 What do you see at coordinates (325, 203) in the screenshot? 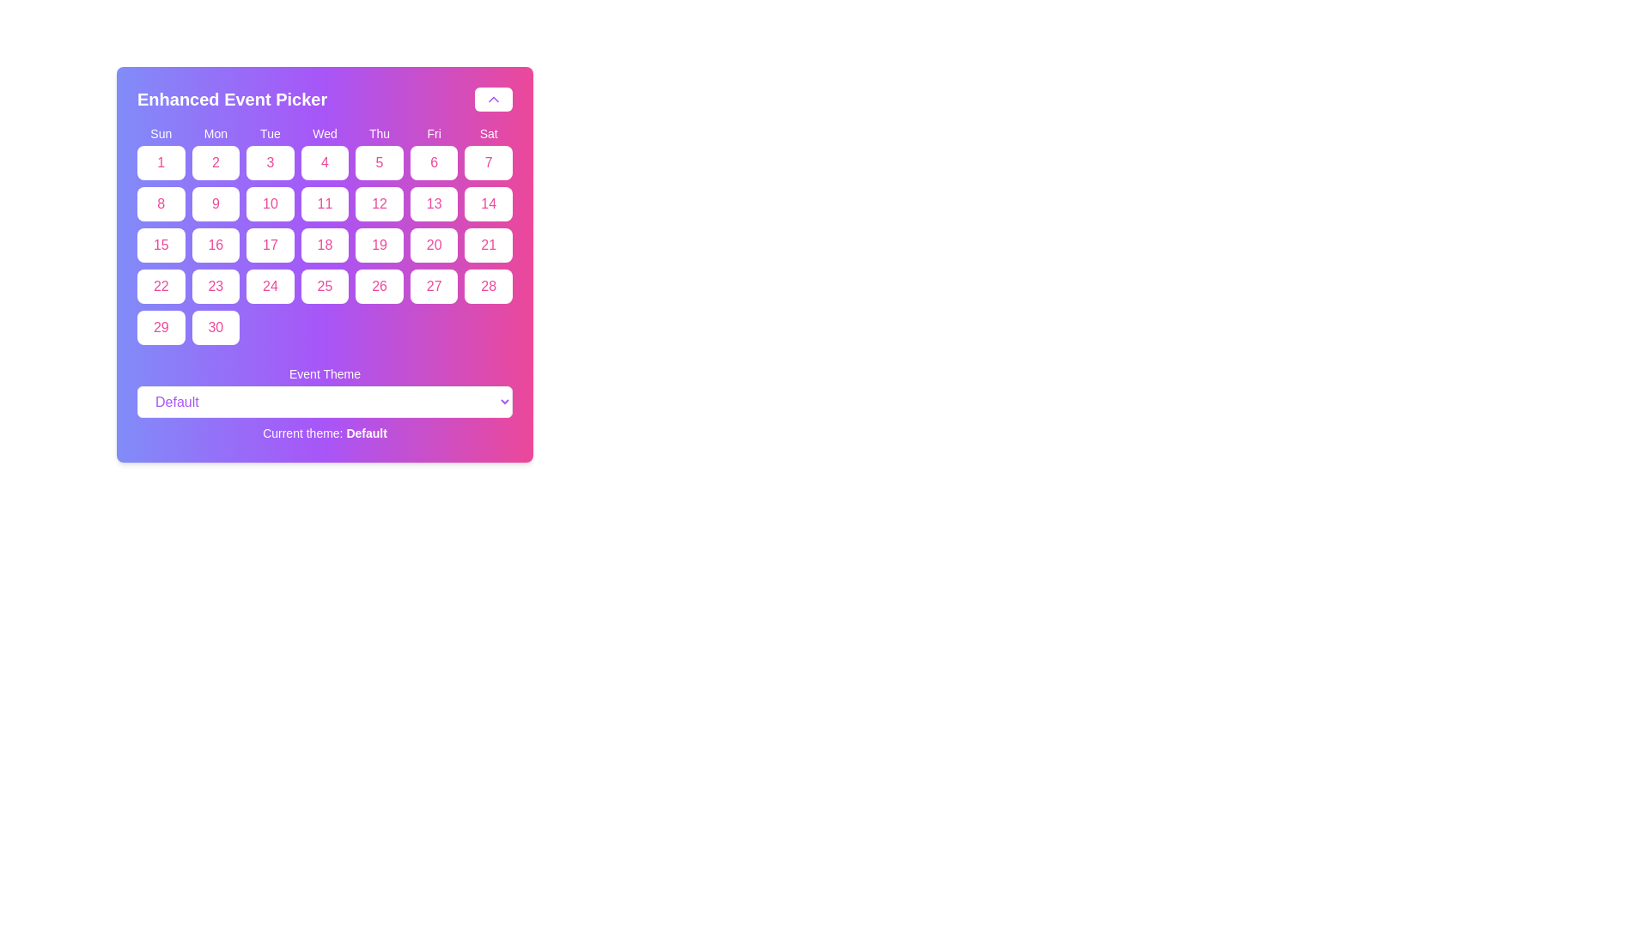
I see `the button corresponding to the 11th day in the calendar interface` at bounding box center [325, 203].